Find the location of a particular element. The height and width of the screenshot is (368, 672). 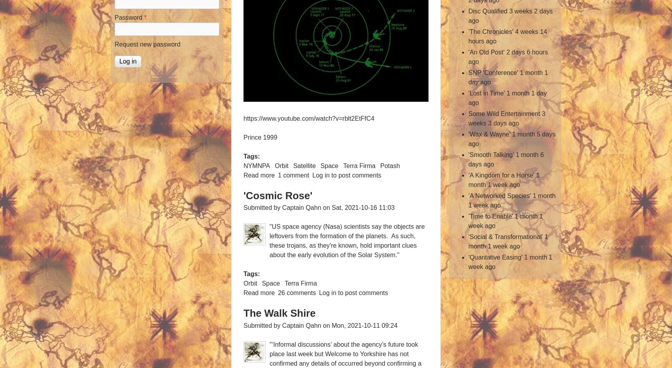

'1 month 5 days ago' is located at coordinates (512, 138).